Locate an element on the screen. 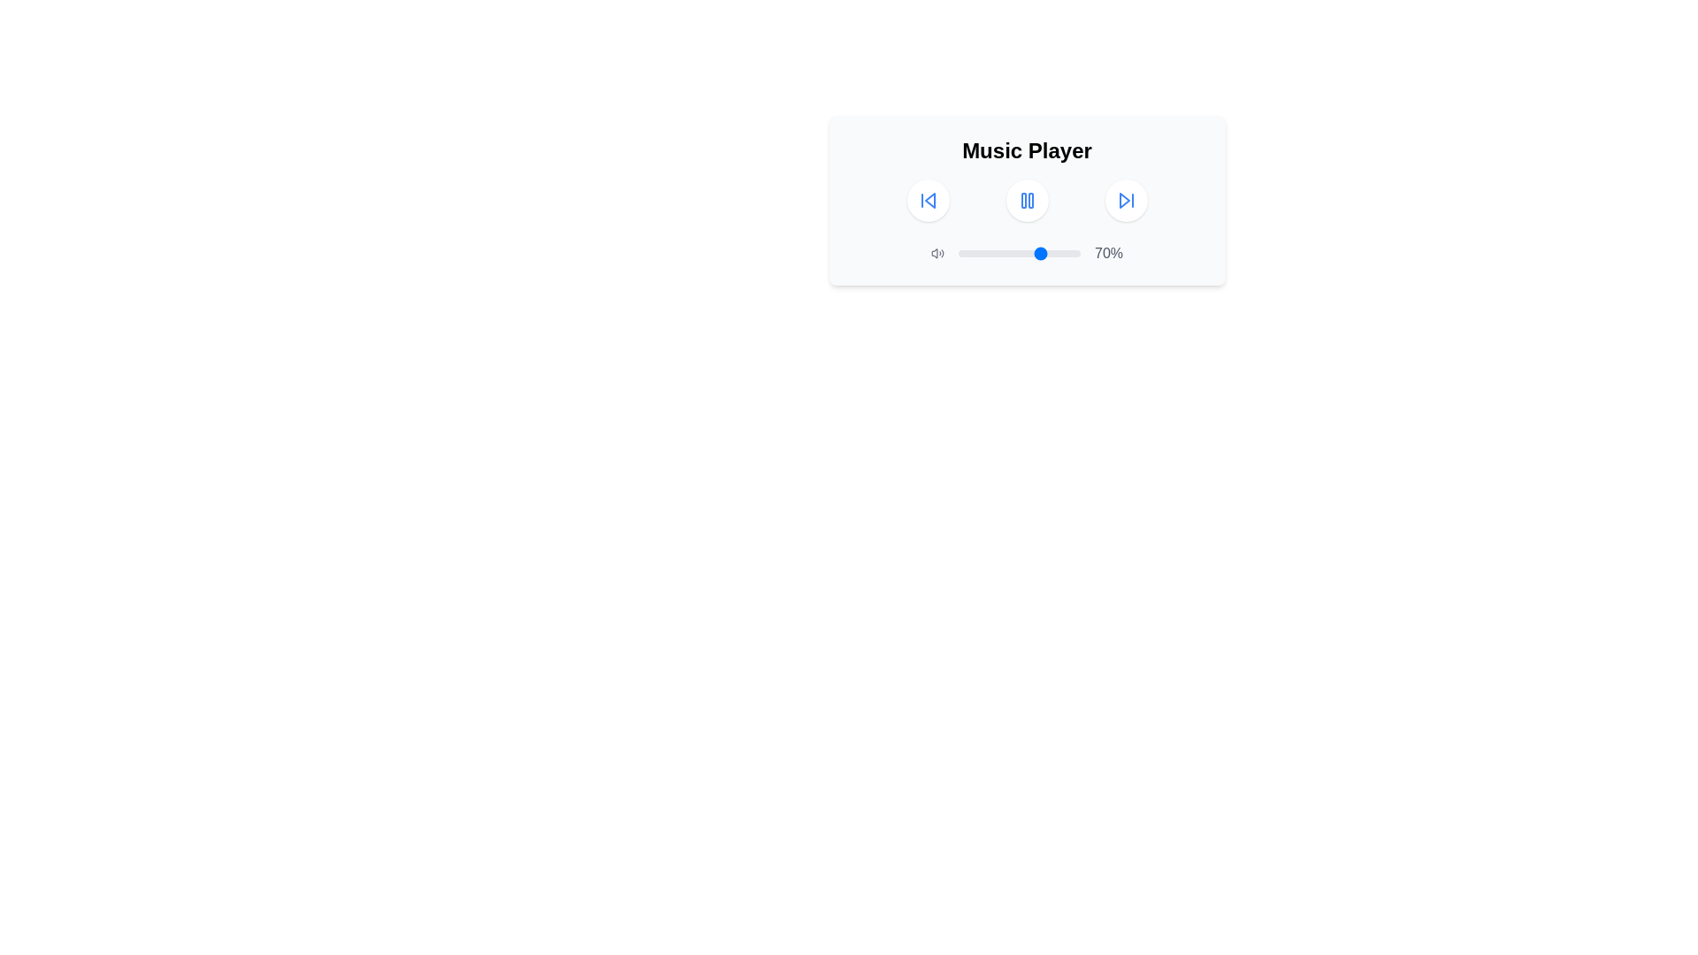  the blue skip-backward icon button within a circular white button in the music player interface for accessibility purposes is located at coordinates (927, 200).